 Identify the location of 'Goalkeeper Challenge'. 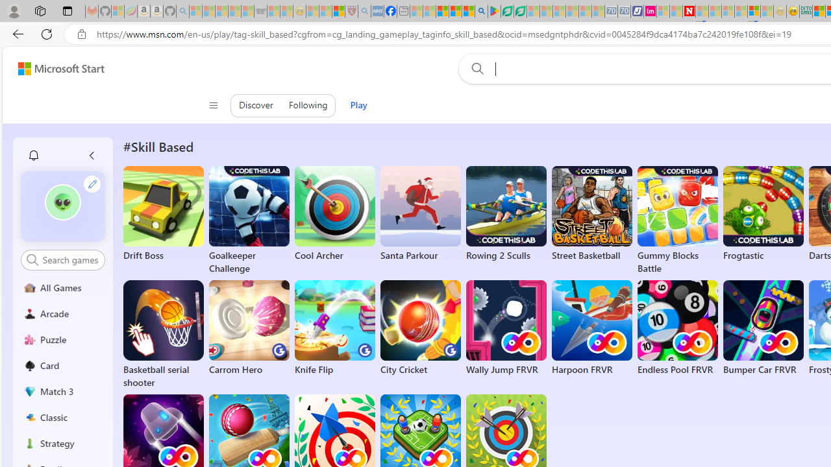
(249, 220).